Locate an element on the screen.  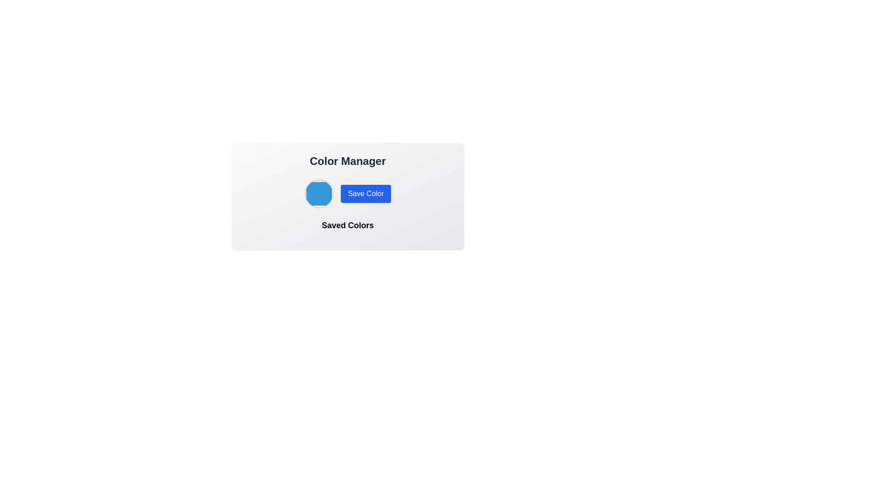
the 'Save Color' button located in the 'Color Manager' section is located at coordinates (347, 193).